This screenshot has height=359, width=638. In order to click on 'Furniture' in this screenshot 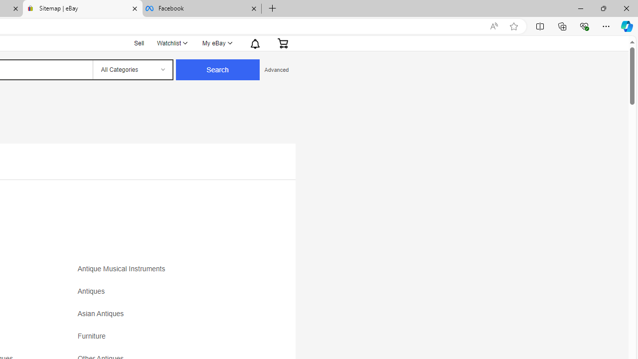, I will do `click(165, 339)`.